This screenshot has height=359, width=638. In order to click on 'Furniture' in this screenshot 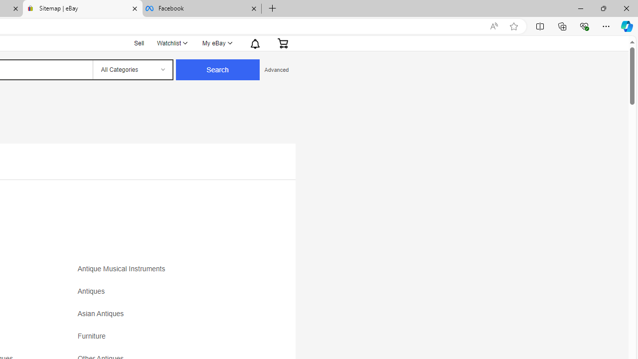, I will do `click(165, 339)`.